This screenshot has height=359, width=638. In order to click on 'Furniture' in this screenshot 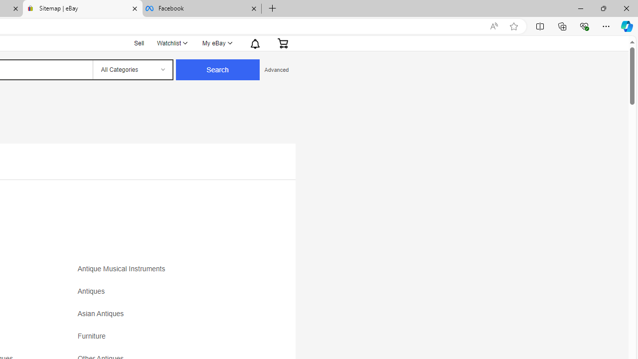, I will do `click(165, 339)`.